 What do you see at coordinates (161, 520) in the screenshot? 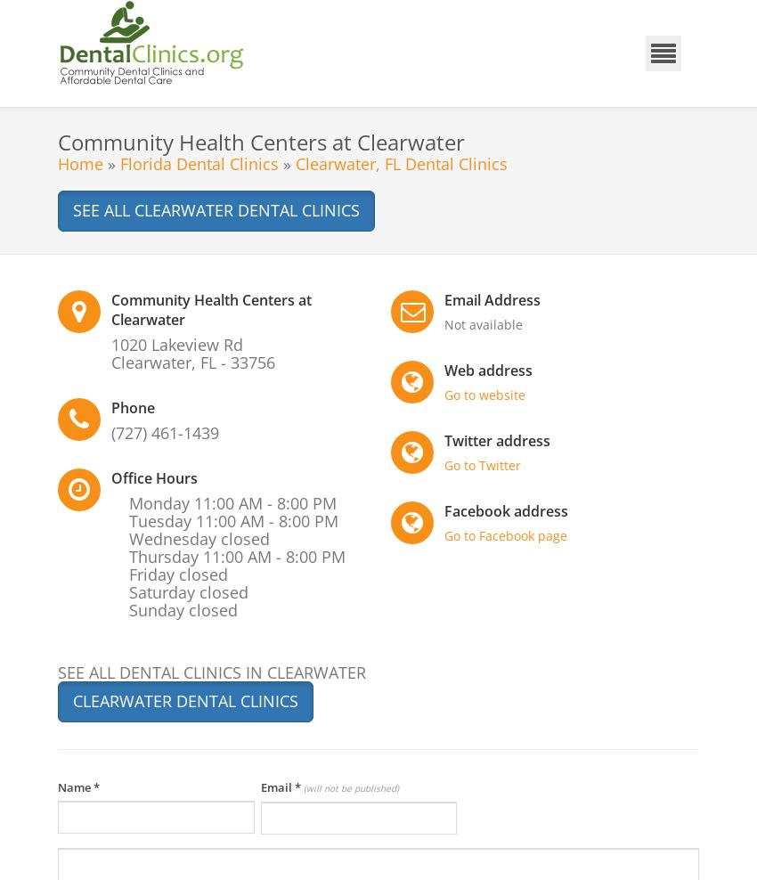
I see `'Tuesday'` at bounding box center [161, 520].